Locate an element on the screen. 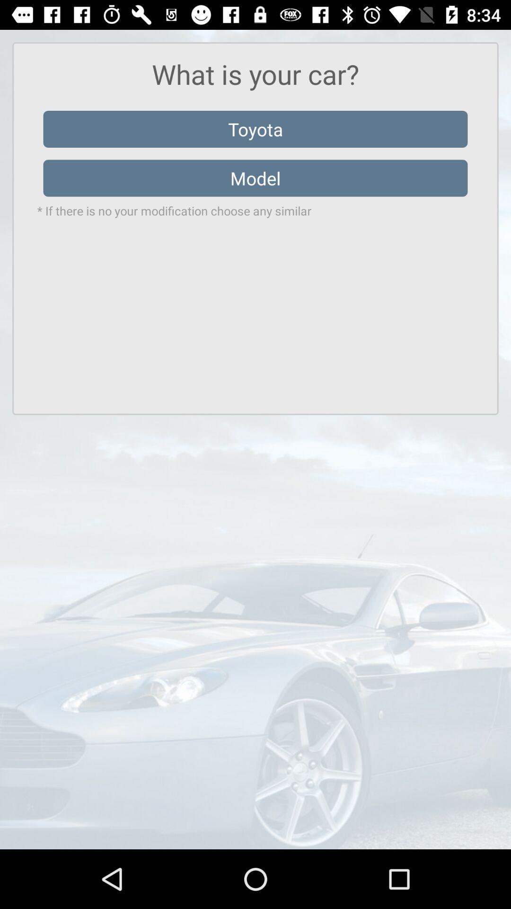 The height and width of the screenshot is (909, 511). the item above the model is located at coordinates (255, 129).